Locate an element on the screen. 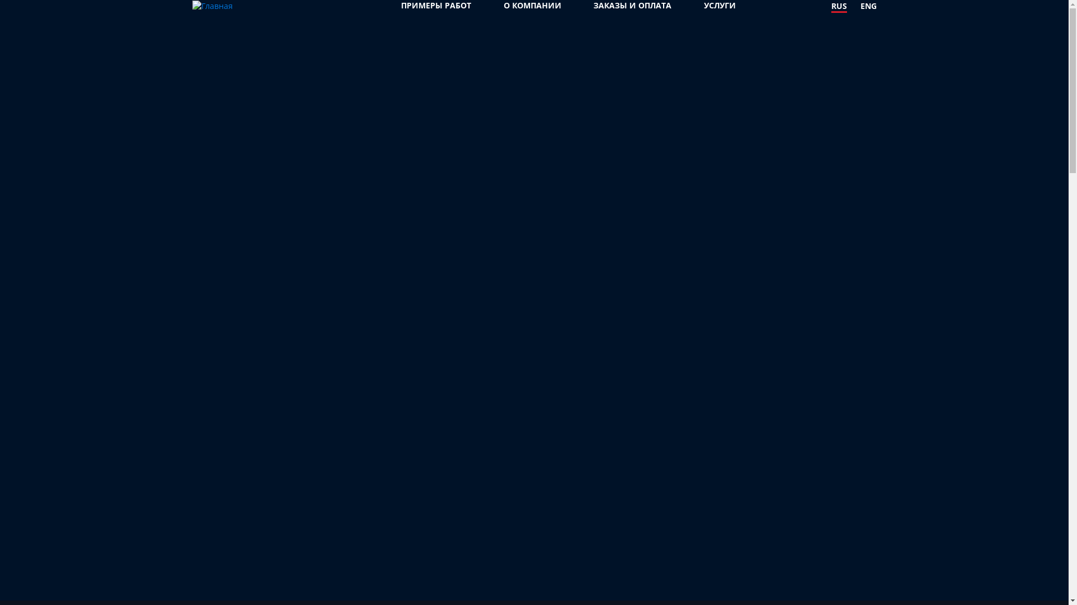 This screenshot has height=605, width=1077. 'ENG' is located at coordinates (868, 6).